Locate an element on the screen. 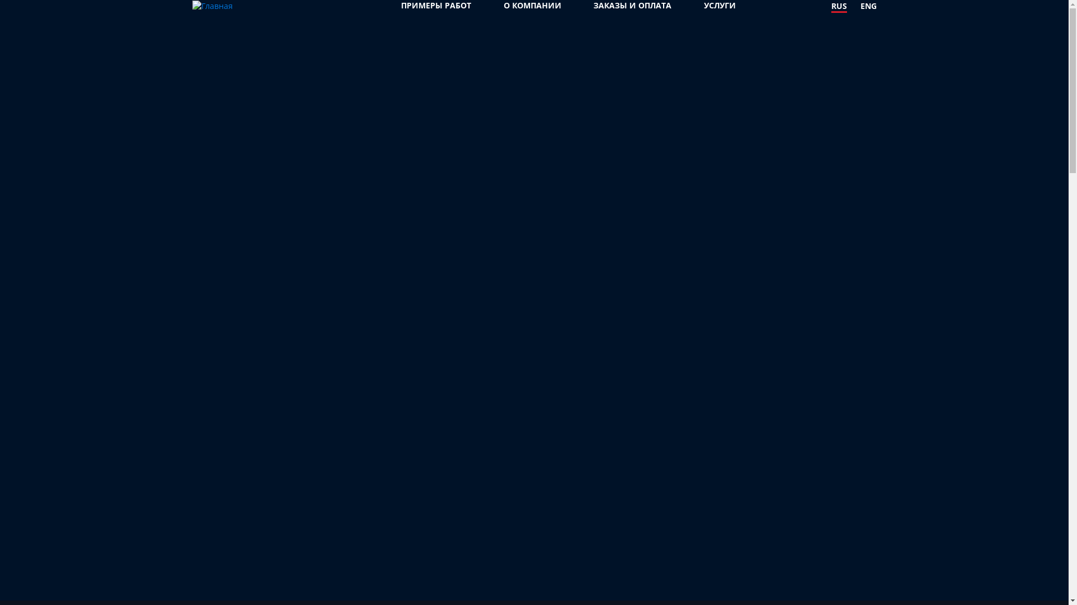 This screenshot has height=605, width=1077. 'ENG' is located at coordinates (868, 6).